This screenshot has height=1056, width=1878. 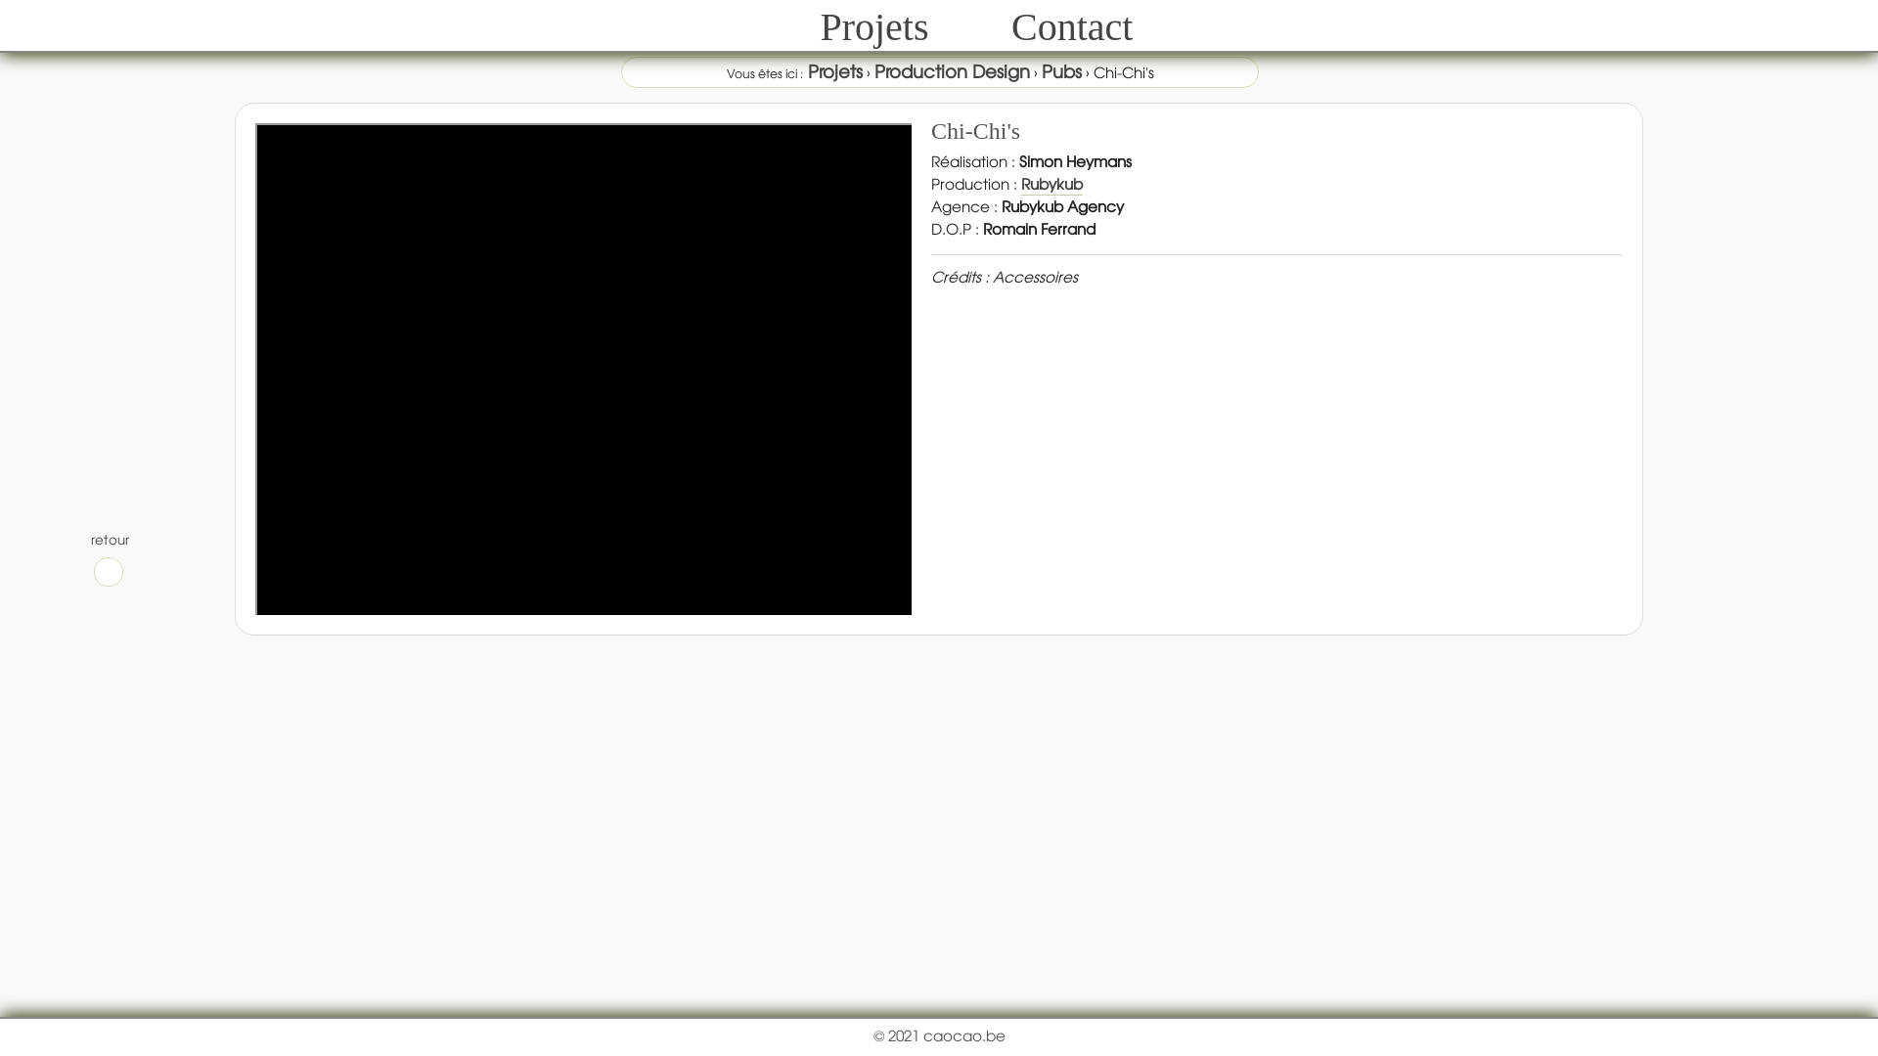 What do you see at coordinates (952, 69) in the screenshot?
I see `'Production Design'` at bounding box center [952, 69].